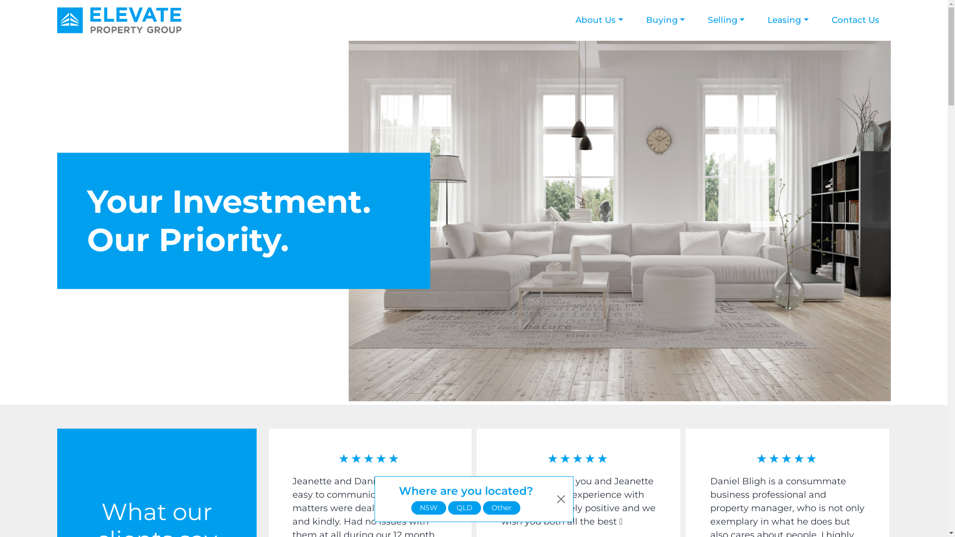  What do you see at coordinates (726, 20) in the screenshot?
I see `'Selling'` at bounding box center [726, 20].